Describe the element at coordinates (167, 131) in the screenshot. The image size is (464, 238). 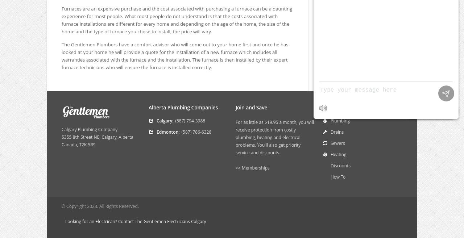
I see `'Edmonton:'` at that location.